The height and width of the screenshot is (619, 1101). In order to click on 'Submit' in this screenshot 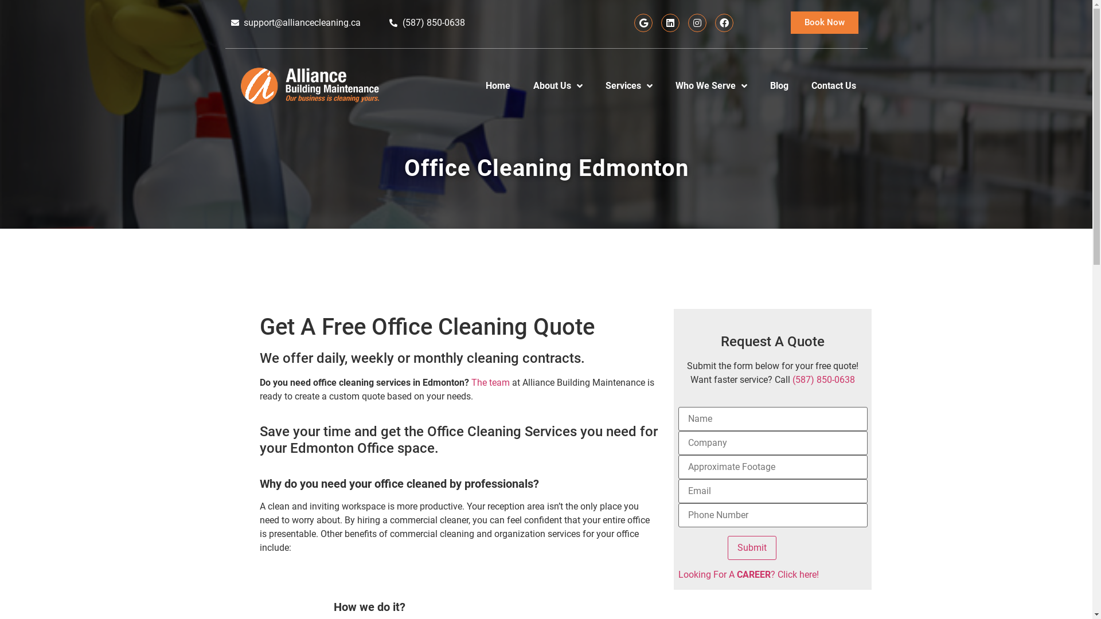, I will do `click(752, 547)`.